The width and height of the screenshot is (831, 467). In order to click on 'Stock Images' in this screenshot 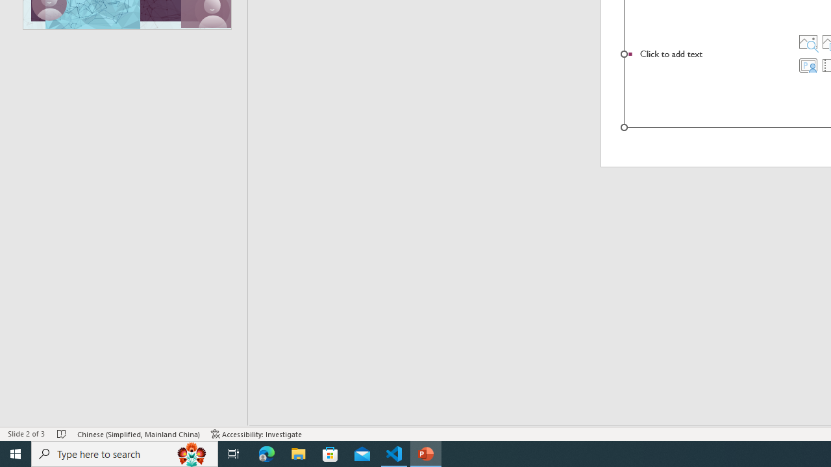, I will do `click(807, 41)`.